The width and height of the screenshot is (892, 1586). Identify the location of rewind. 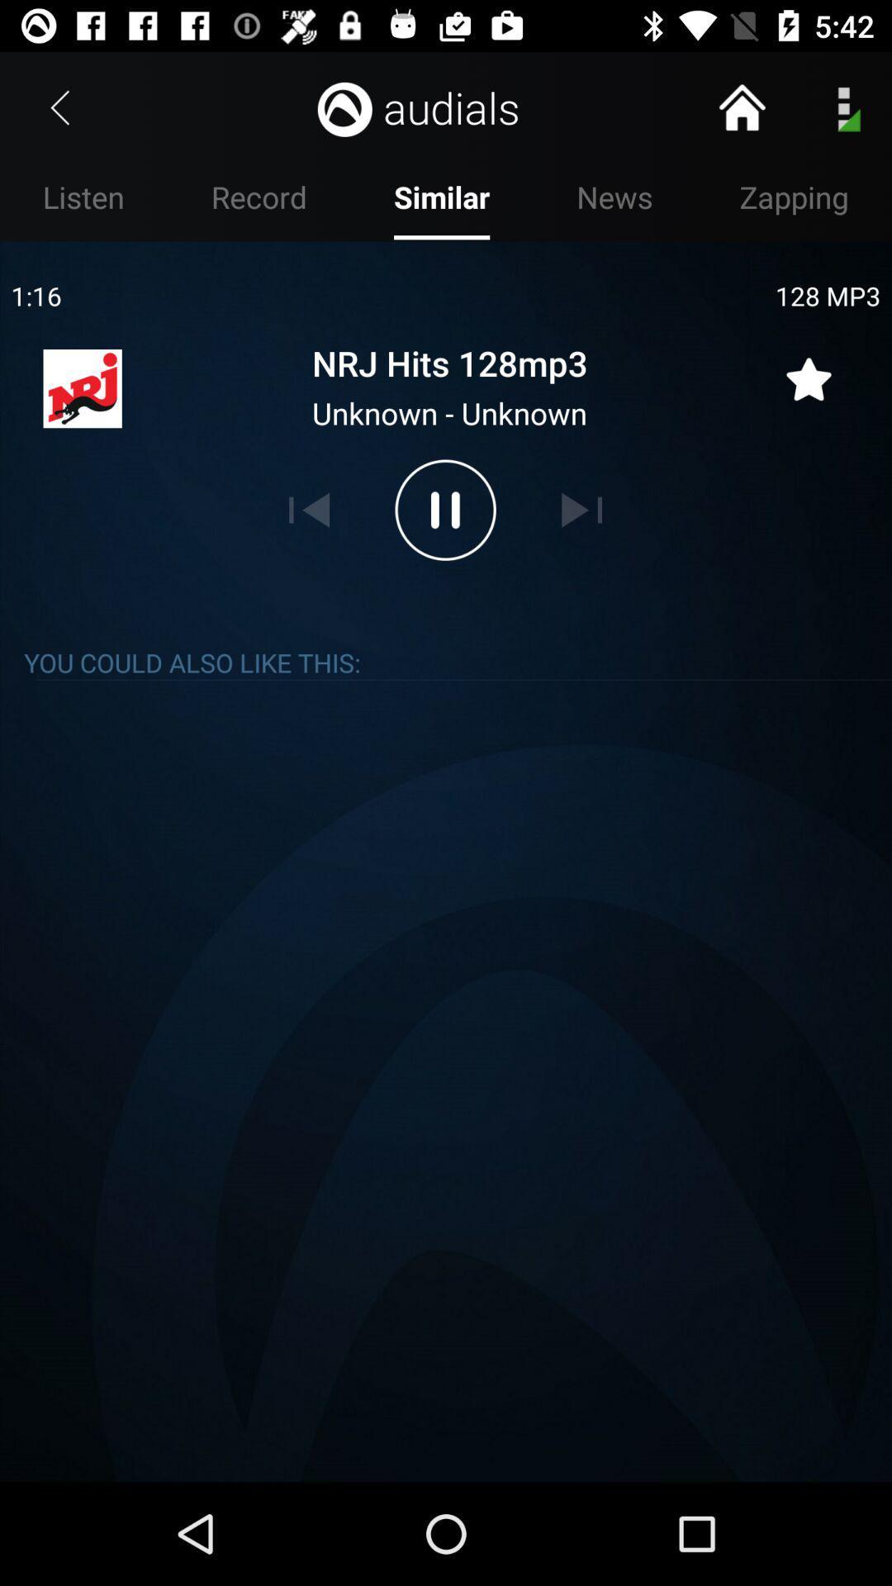
(309, 509).